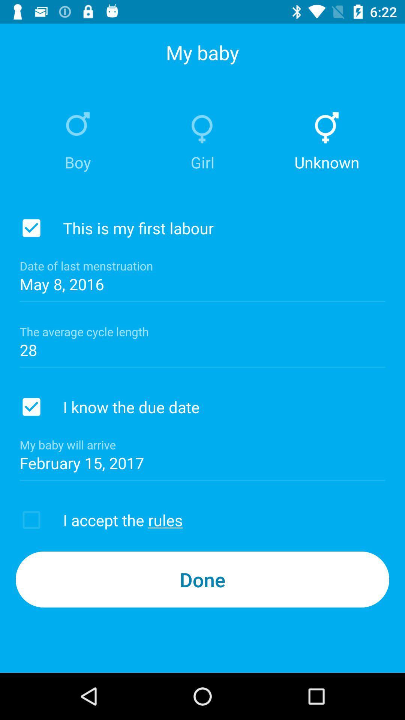  I want to click on an option, so click(31, 228).